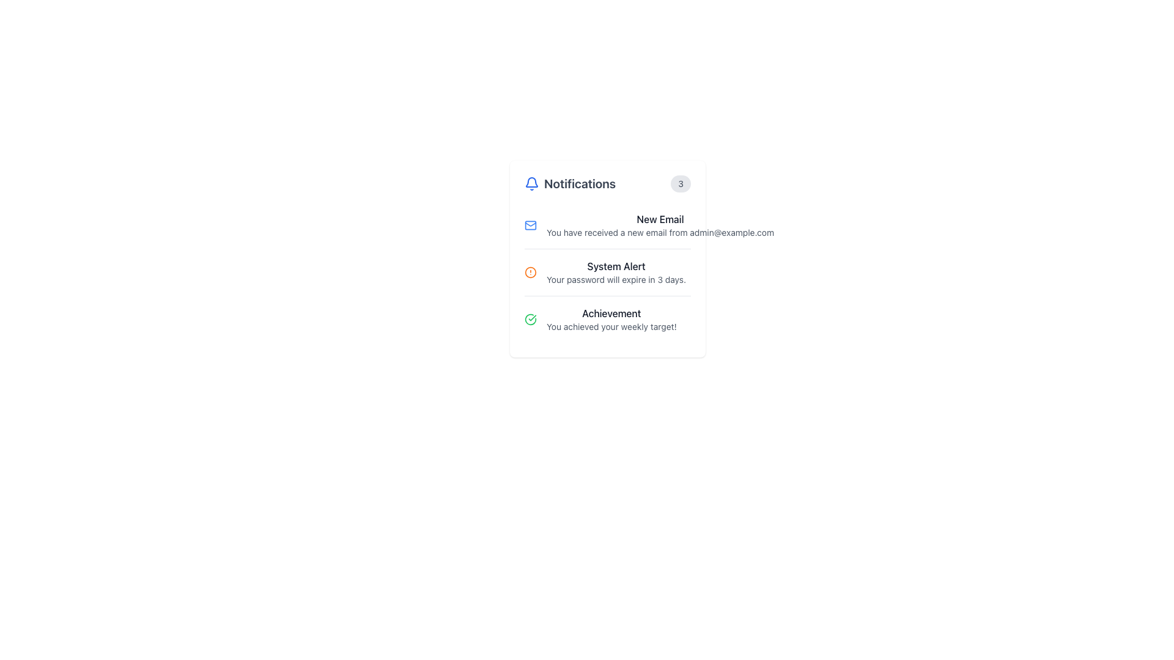  I want to click on notification titled 'System Alert' that indicates 'Your password will expire in 3 days.', so click(616, 272).